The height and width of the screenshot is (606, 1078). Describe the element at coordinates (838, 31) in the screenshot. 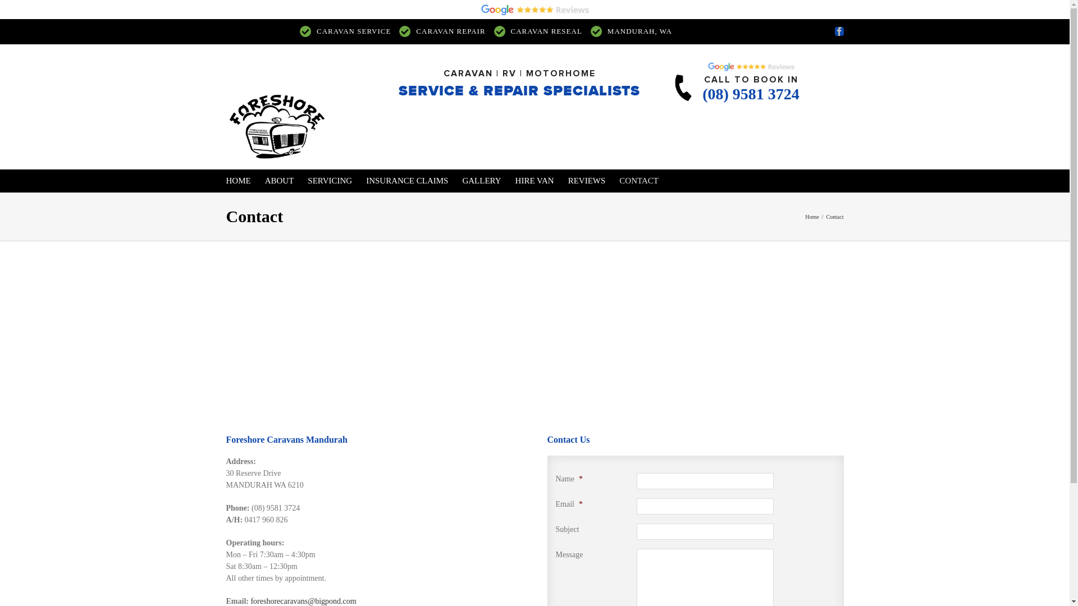

I see `'Facebook'` at that location.